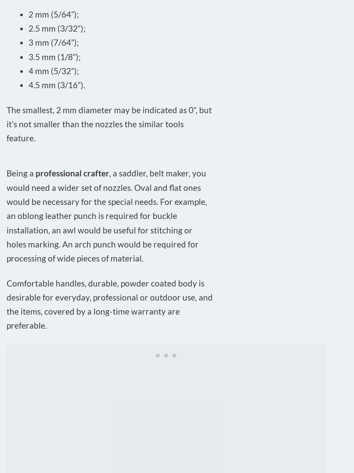 This screenshot has height=473, width=354. What do you see at coordinates (21, 172) in the screenshot?
I see `'Being a'` at bounding box center [21, 172].